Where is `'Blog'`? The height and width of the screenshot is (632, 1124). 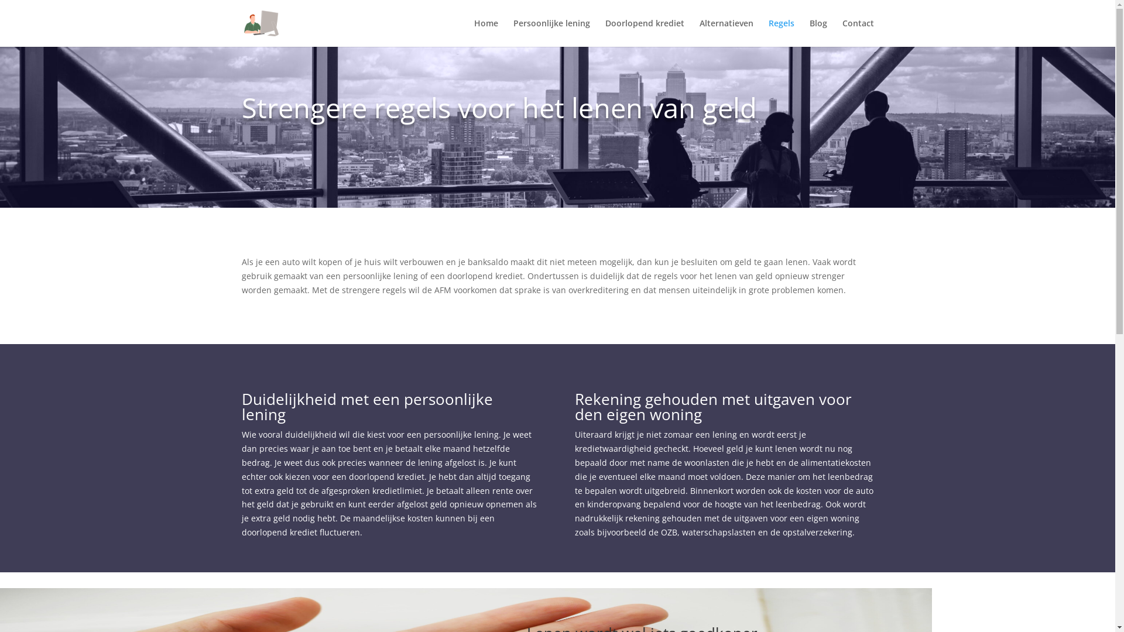 'Blog' is located at coordinates (808, 32).